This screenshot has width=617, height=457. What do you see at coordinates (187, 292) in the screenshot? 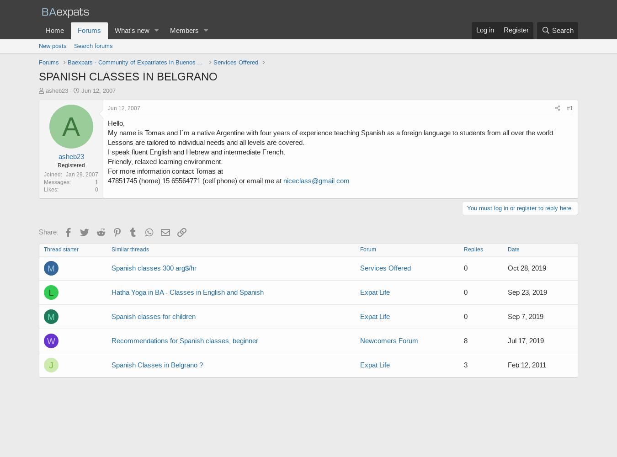
I see `'Hatha Yoga in BA - Classes in English and Spanish'` at bounding box center [187, 292].